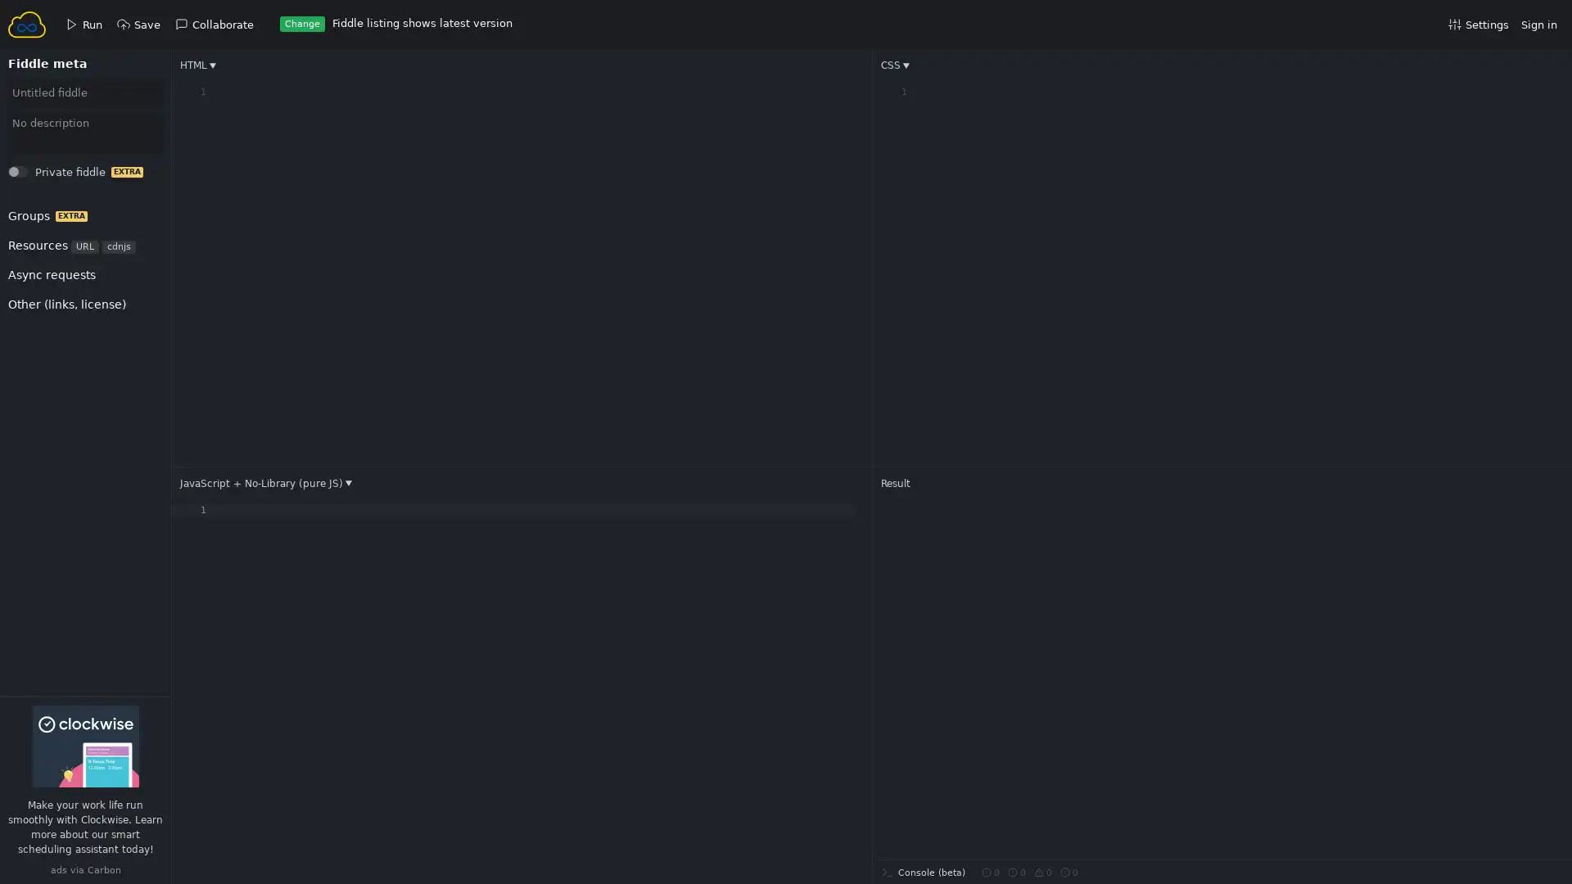 This screenshot has width=1572, height=884. I want to click on Fork, so click(34, 176).